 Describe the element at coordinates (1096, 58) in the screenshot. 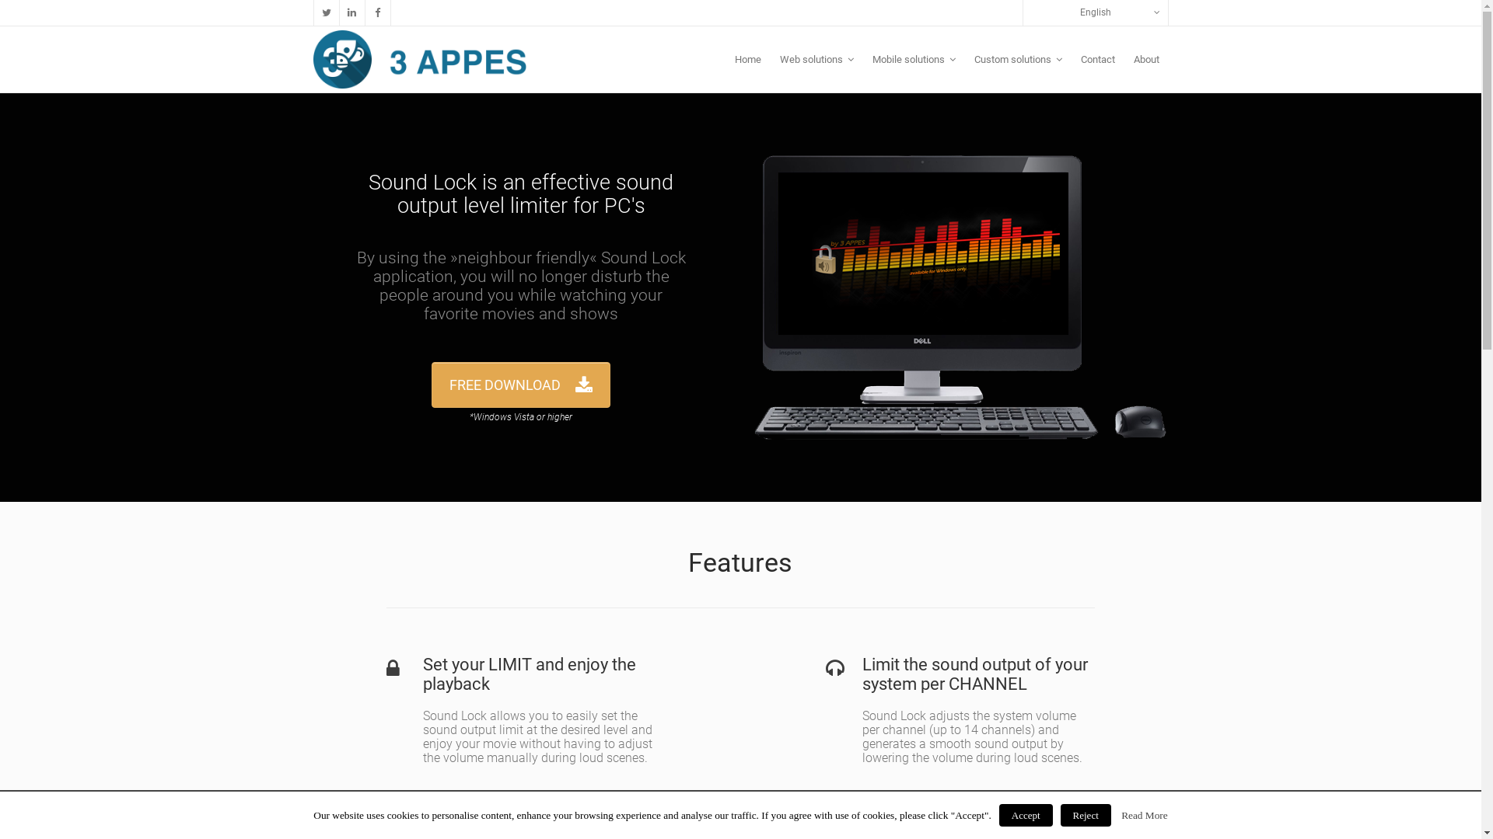

I see `'Contact'` at that location.